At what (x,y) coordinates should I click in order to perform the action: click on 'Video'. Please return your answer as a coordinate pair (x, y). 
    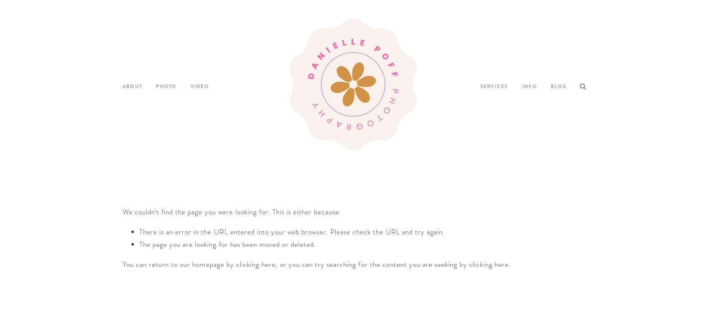
    Looking at the image, I should click on (199, 85).